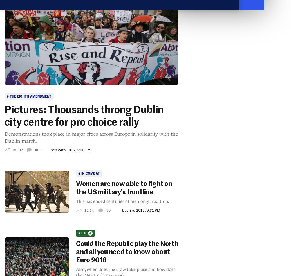  Describe the element at coordinates (38, 149) in the screenshot. I see `'463'` at that location.